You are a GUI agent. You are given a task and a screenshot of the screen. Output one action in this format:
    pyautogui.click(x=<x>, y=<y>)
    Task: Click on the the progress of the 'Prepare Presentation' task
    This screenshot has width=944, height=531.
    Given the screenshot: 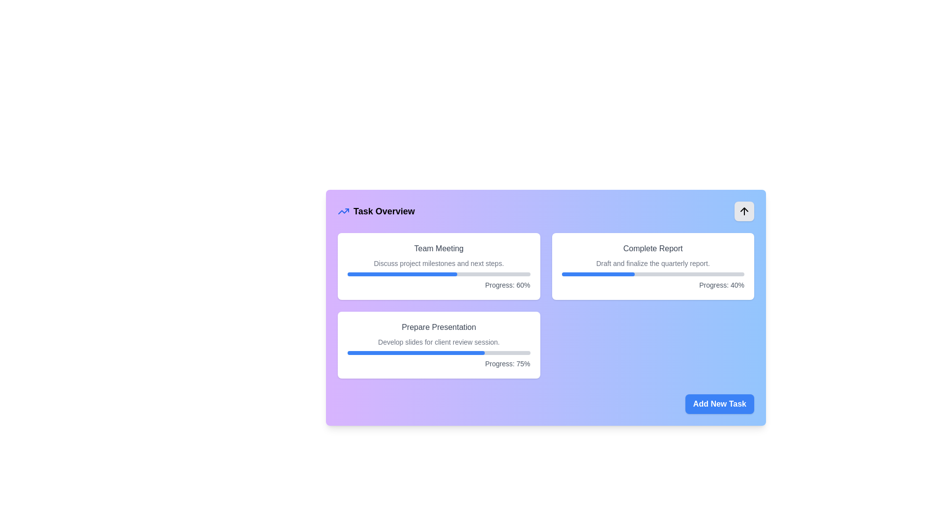 What is the action you would take?
    pyautogui.click(x=370, y=352)
    